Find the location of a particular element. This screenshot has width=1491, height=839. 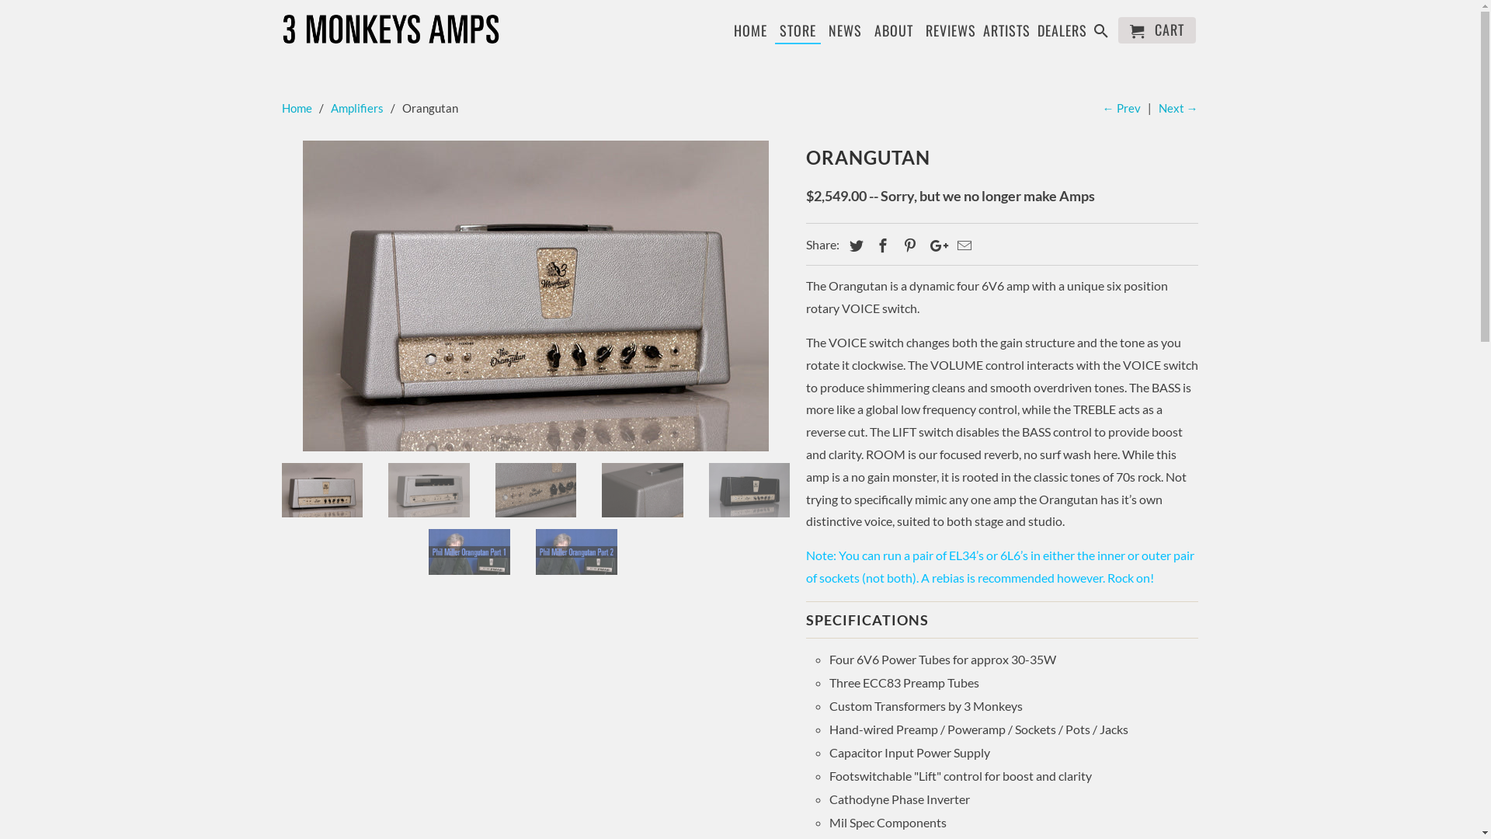

'Share this on Facebook' is located at coordinates (880, 245).